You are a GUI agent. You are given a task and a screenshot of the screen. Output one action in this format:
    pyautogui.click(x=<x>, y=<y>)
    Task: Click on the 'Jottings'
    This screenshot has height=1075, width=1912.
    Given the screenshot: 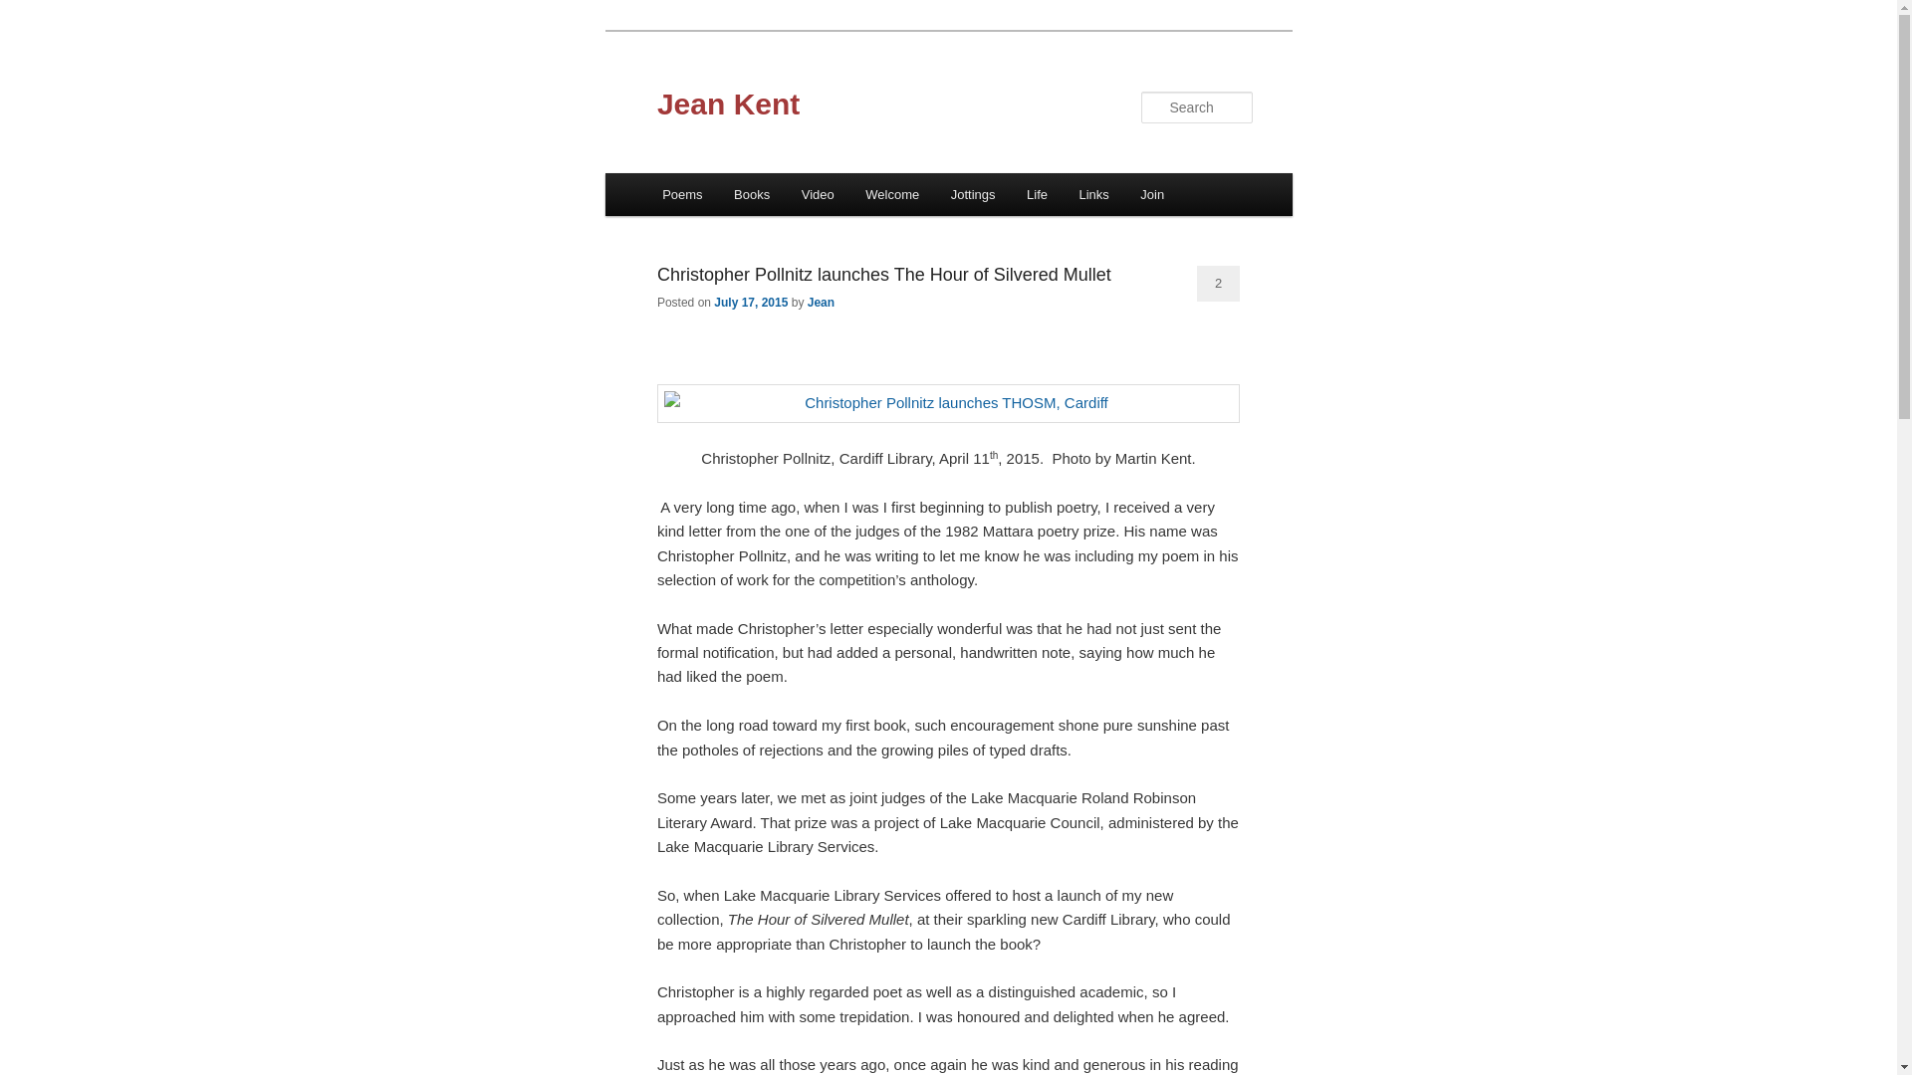 What is the action you would take?
    pyautogui.click(x=973, y=194)
    